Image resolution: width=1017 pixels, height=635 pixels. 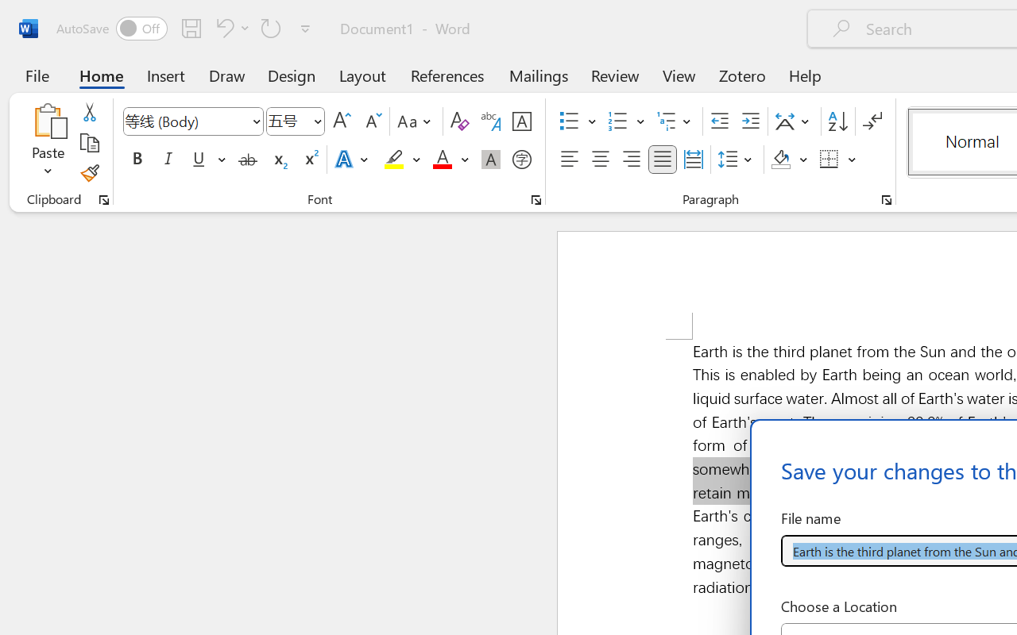 What do you see at coordinates (663, 160) in the screenshot?
I see `'Justify'` at bounding box center [663, 160].